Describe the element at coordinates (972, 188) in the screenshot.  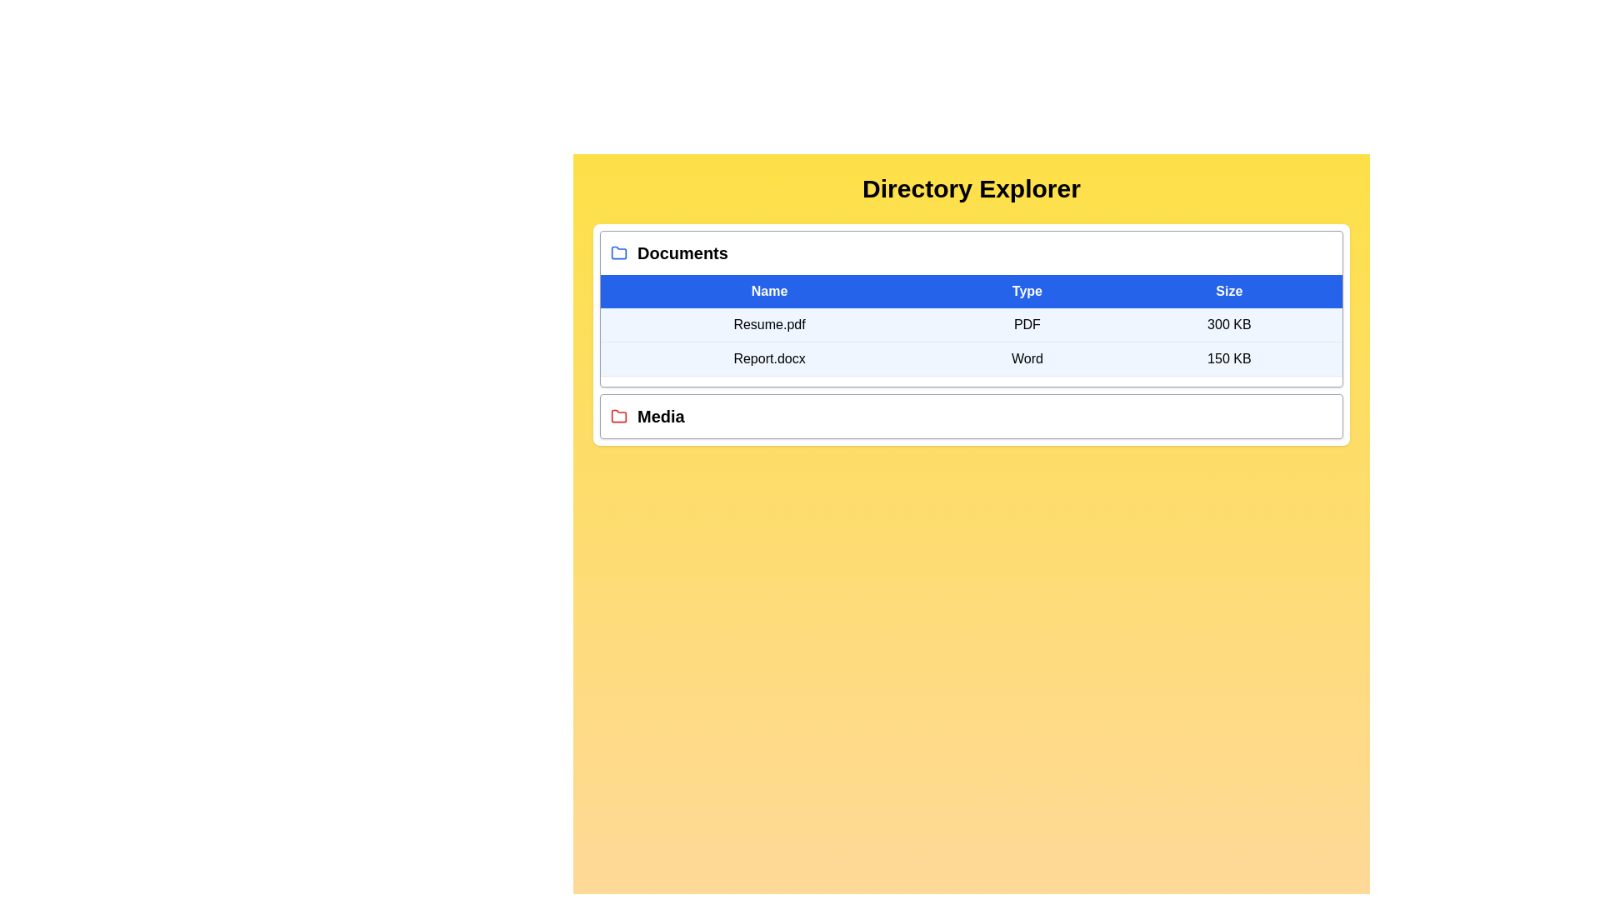
I see `the header text 'Directory Explorer'` at that location.